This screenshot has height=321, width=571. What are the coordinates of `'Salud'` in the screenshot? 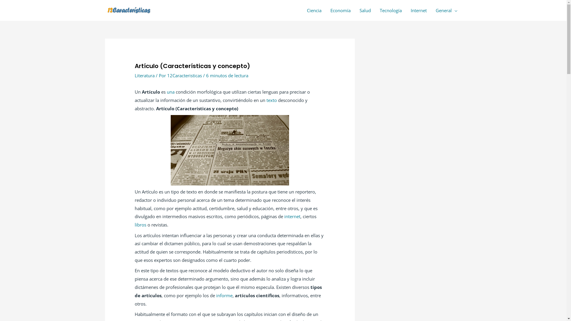 It's located at (365, 10).